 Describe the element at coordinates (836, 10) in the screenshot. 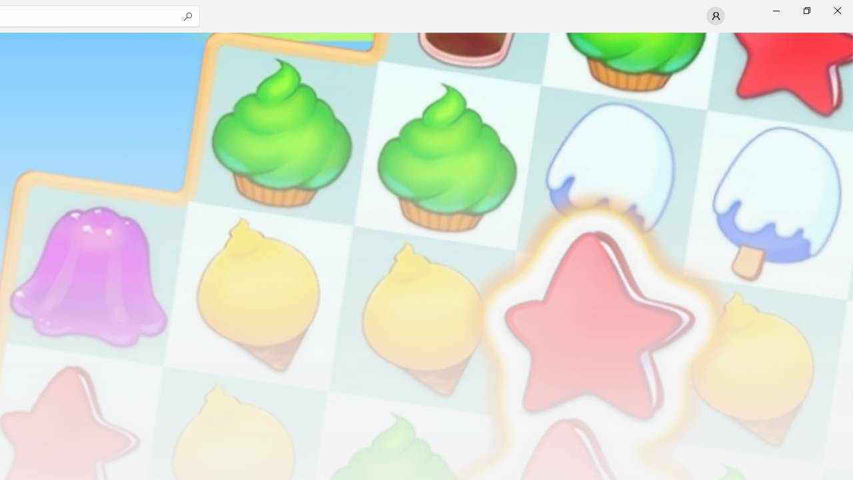

I see `'Close Microsoft Store'` at that location.